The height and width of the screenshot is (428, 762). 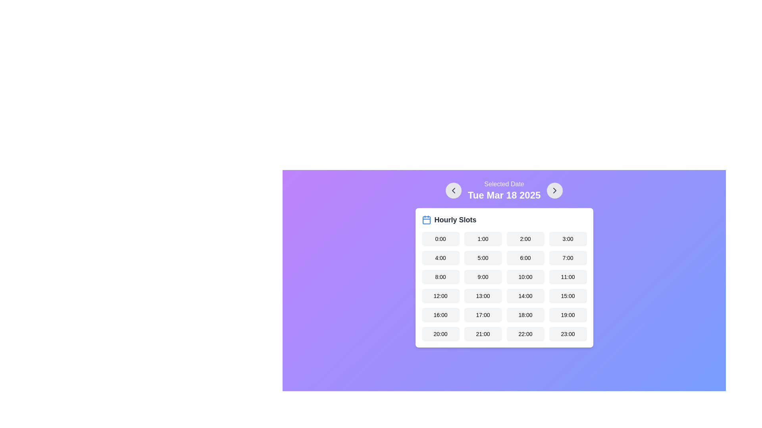 What do you see at coordinates (504, 191) in the screenshot?
I see `the right arrow in the date navigation header` at bounding box center [504, 191].